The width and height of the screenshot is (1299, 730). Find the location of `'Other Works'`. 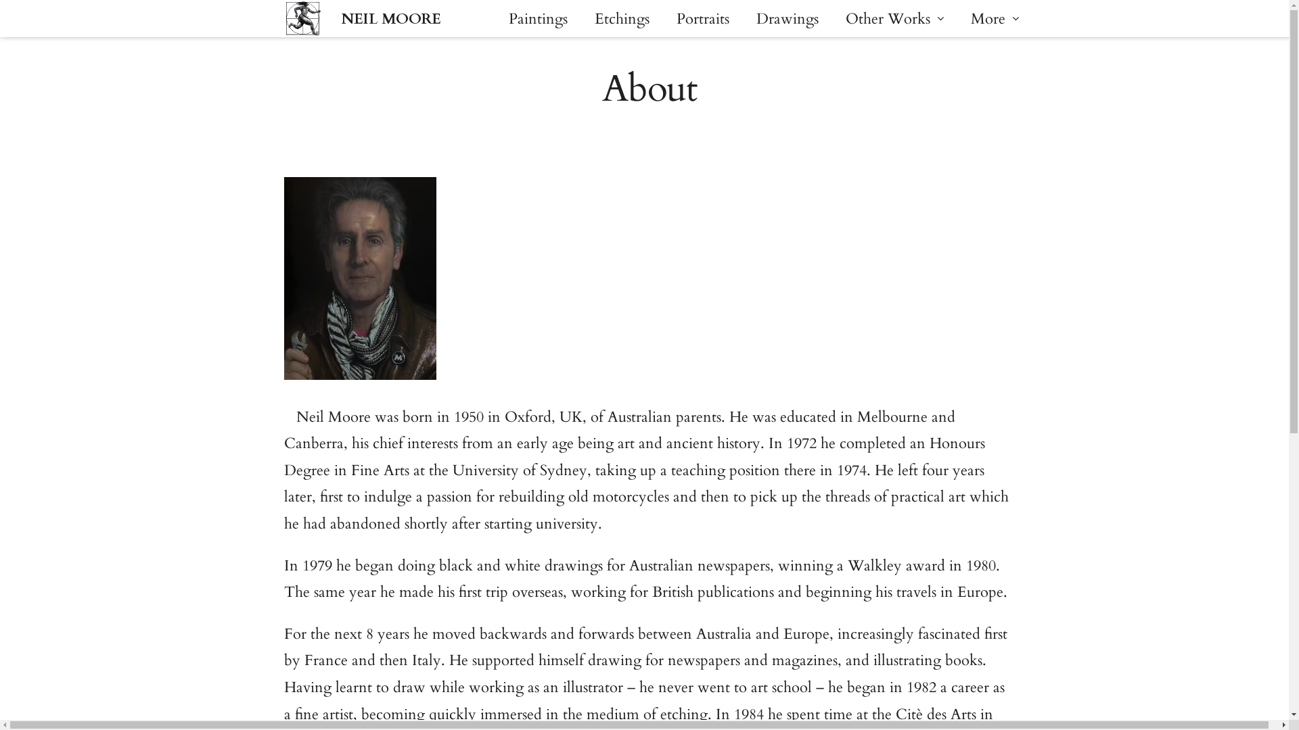

'Other Works' is located at coordinates (894, 18).